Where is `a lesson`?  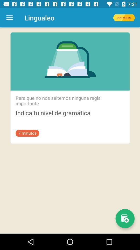
a lesson is located at coordinates (125, 218).